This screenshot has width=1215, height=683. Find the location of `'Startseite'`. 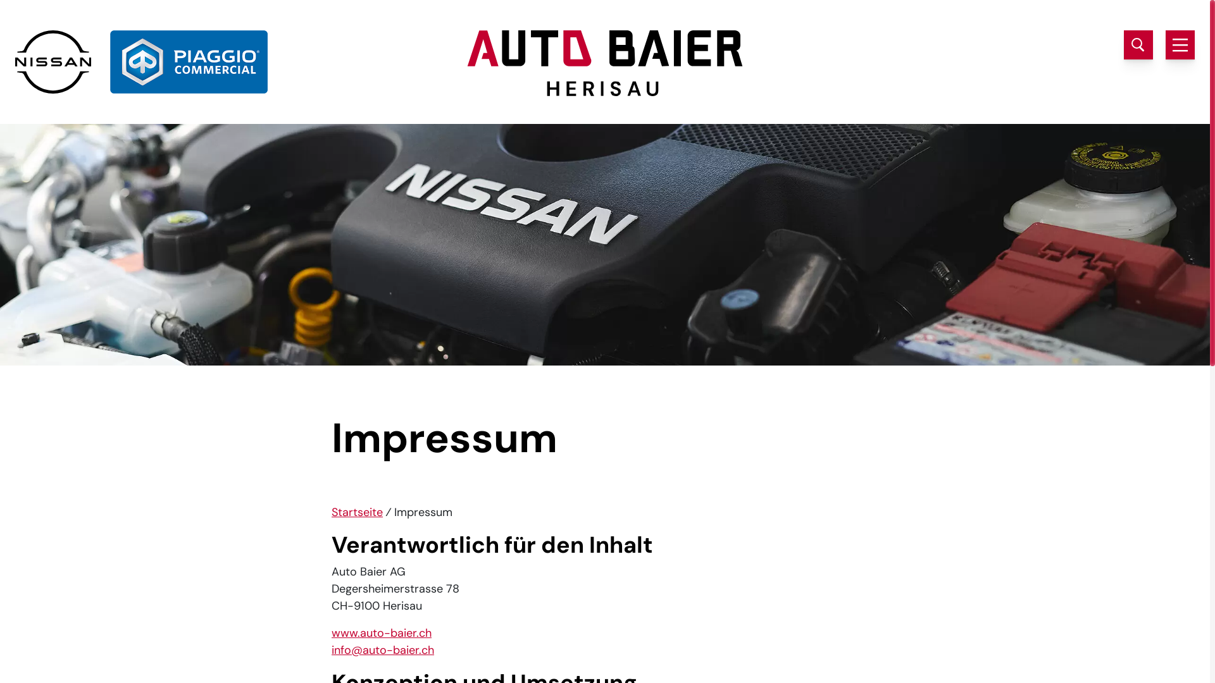

'Startseite' is located at coordinates (356, 512).